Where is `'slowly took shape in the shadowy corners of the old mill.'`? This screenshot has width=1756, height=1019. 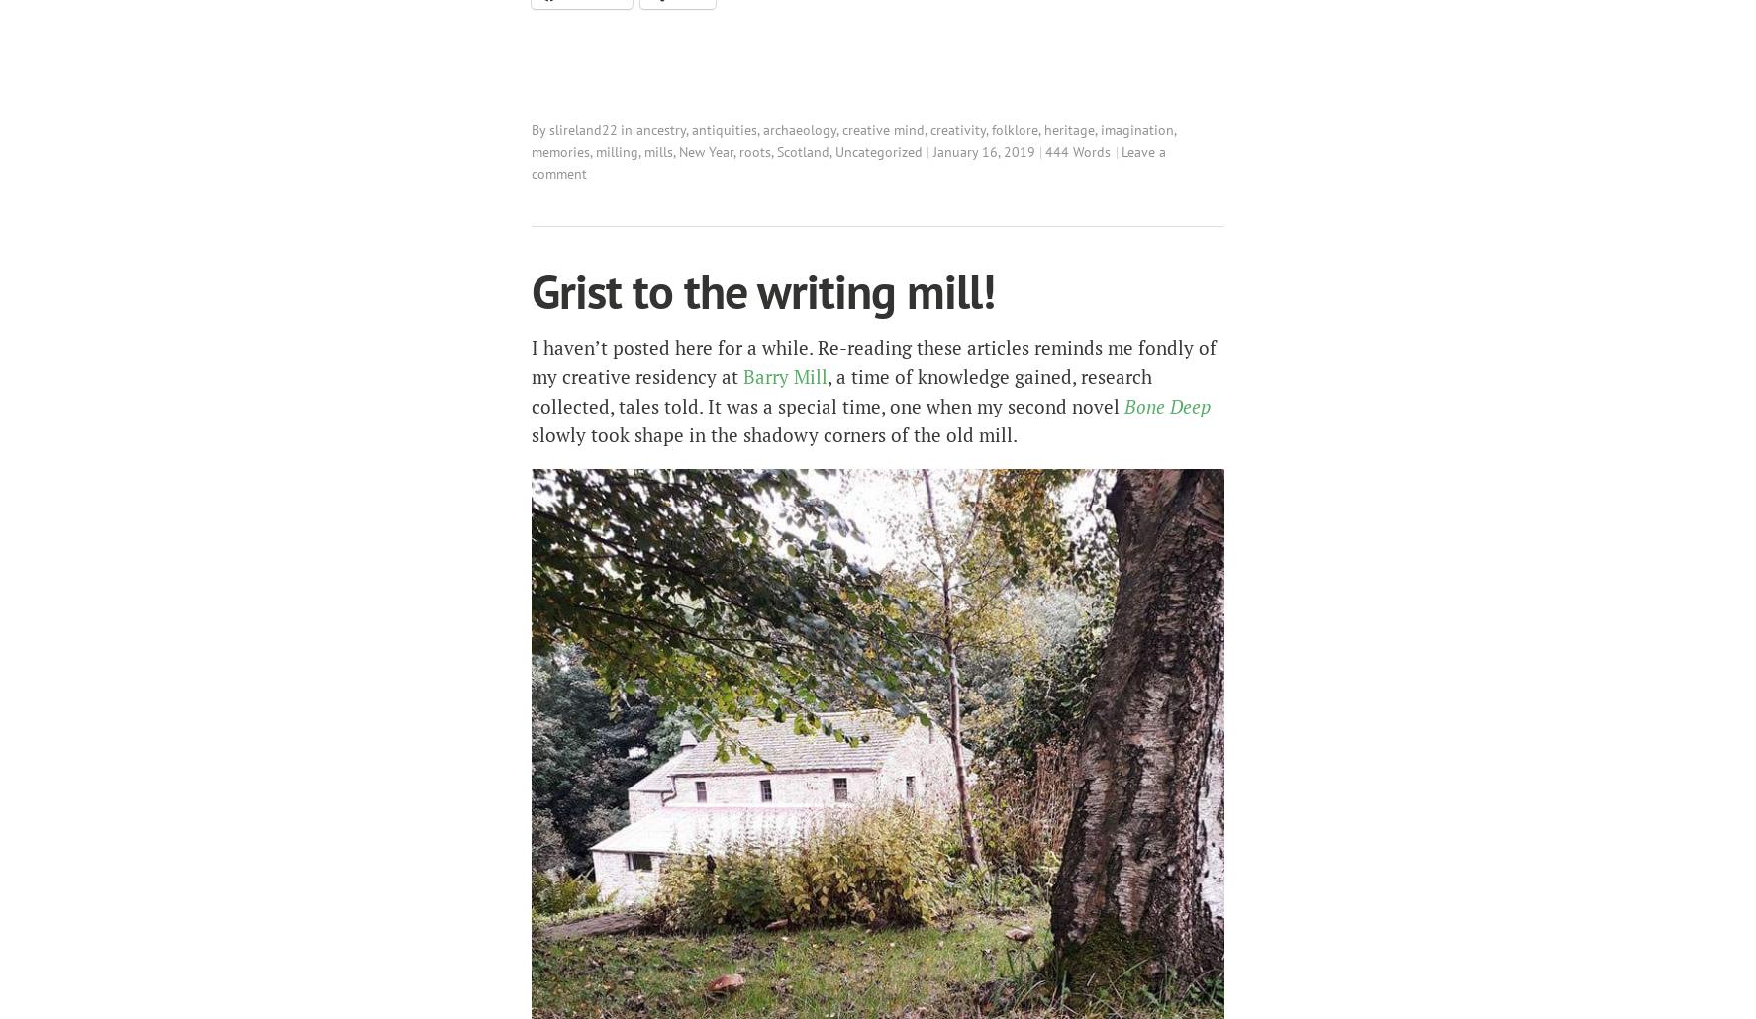
'slowly took shape in the shadowy corners of the old mill.' is located at coordinates (530, 433).